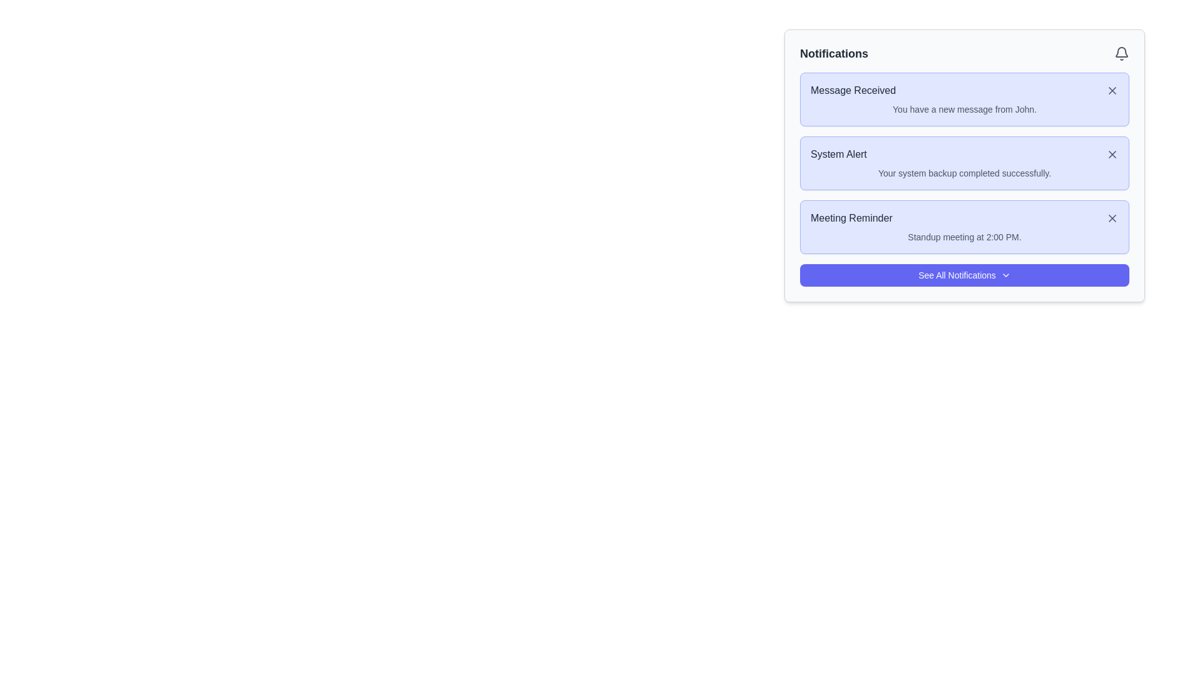 The image size is (1202, 676). What do you see at coordinates (1112, 90) in the screenshot?
I see `the close button (X icon) located at the top-right corner of the 'Message Received' notification card` at bounding box center [1112, 90].